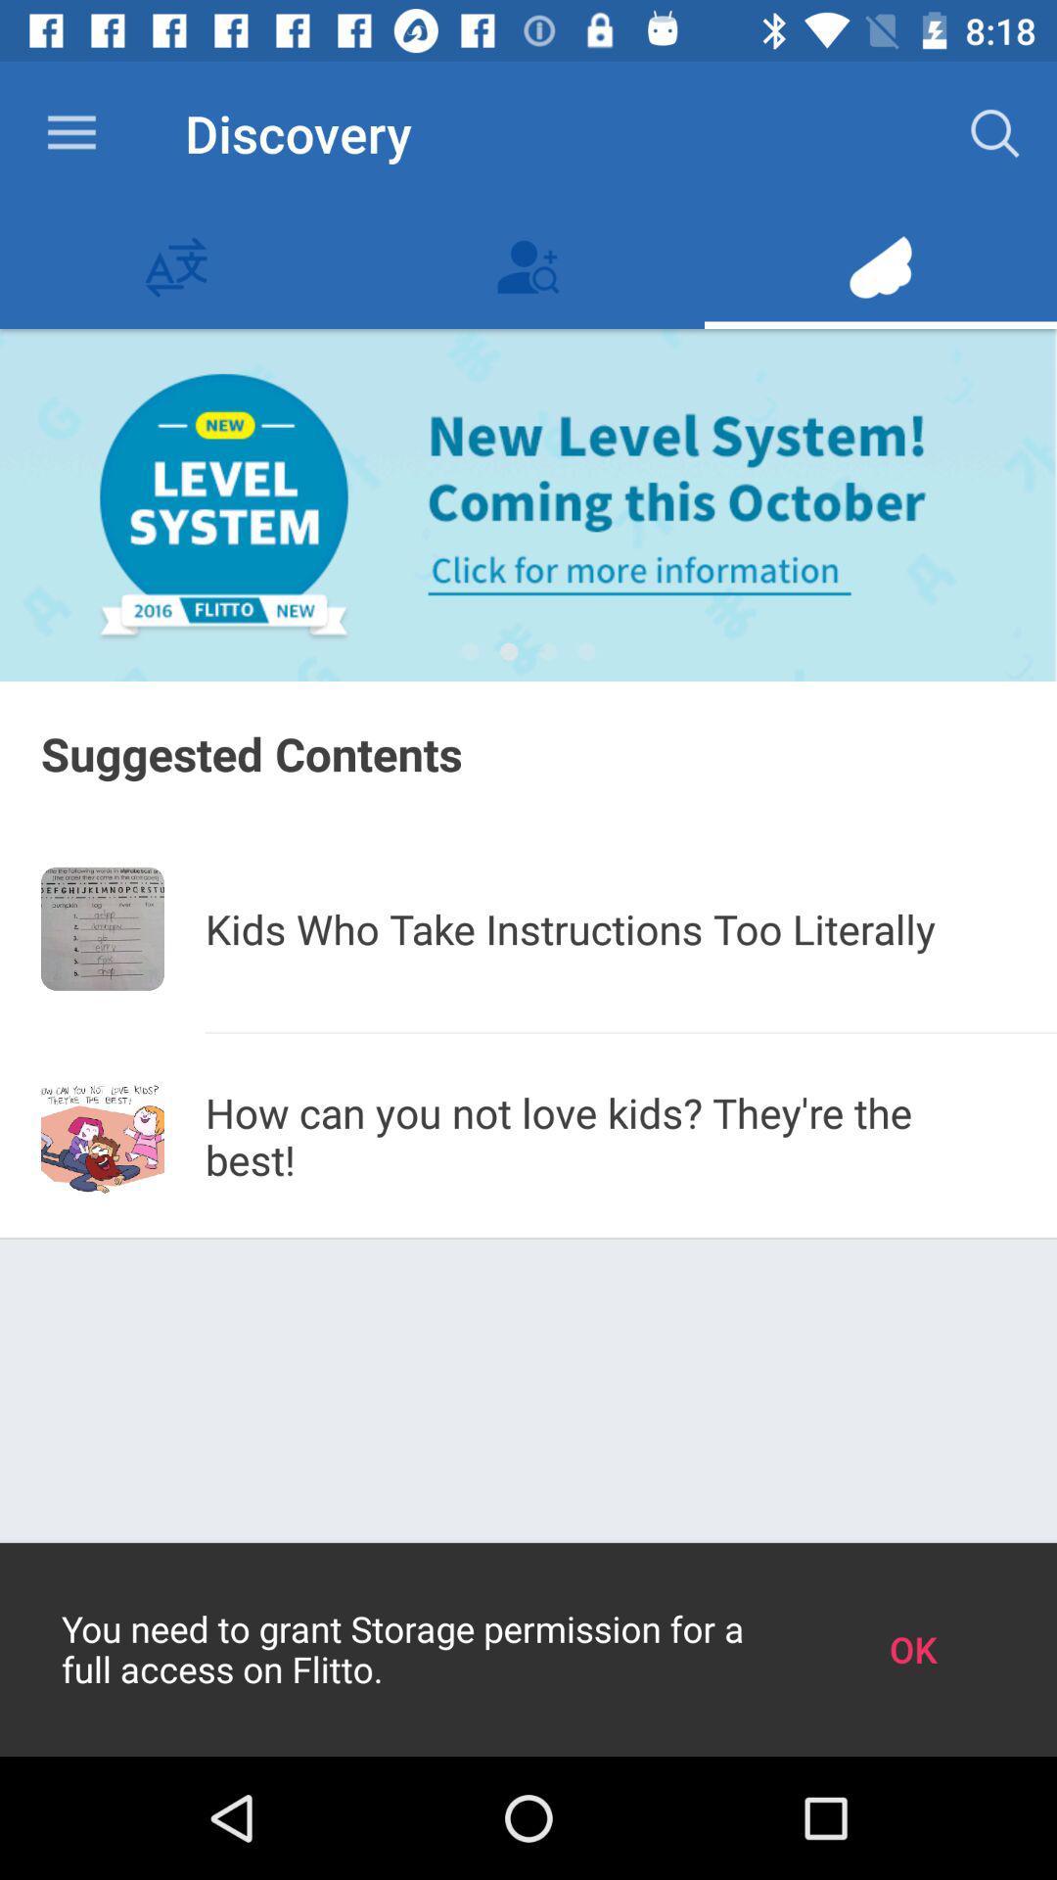 Image resolution: width=1057 pixels, height=1880 pixels. I want to click on the item above the you need to, so click(610, 1137).